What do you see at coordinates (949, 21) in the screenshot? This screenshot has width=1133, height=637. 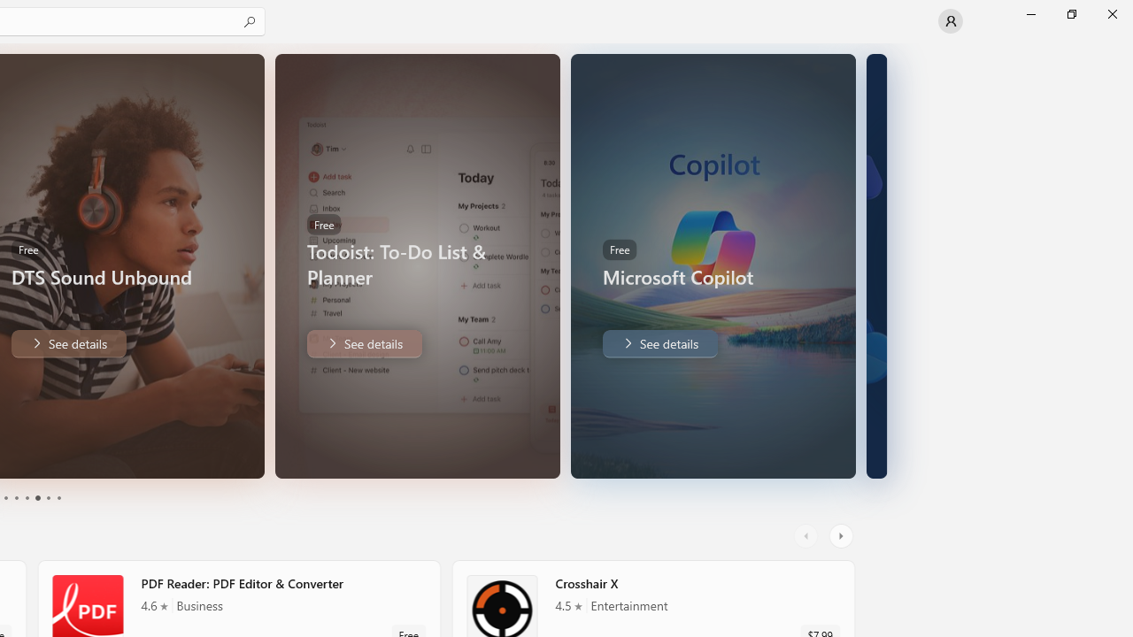 I see `'User profile'` at bounding box center [949, 21].